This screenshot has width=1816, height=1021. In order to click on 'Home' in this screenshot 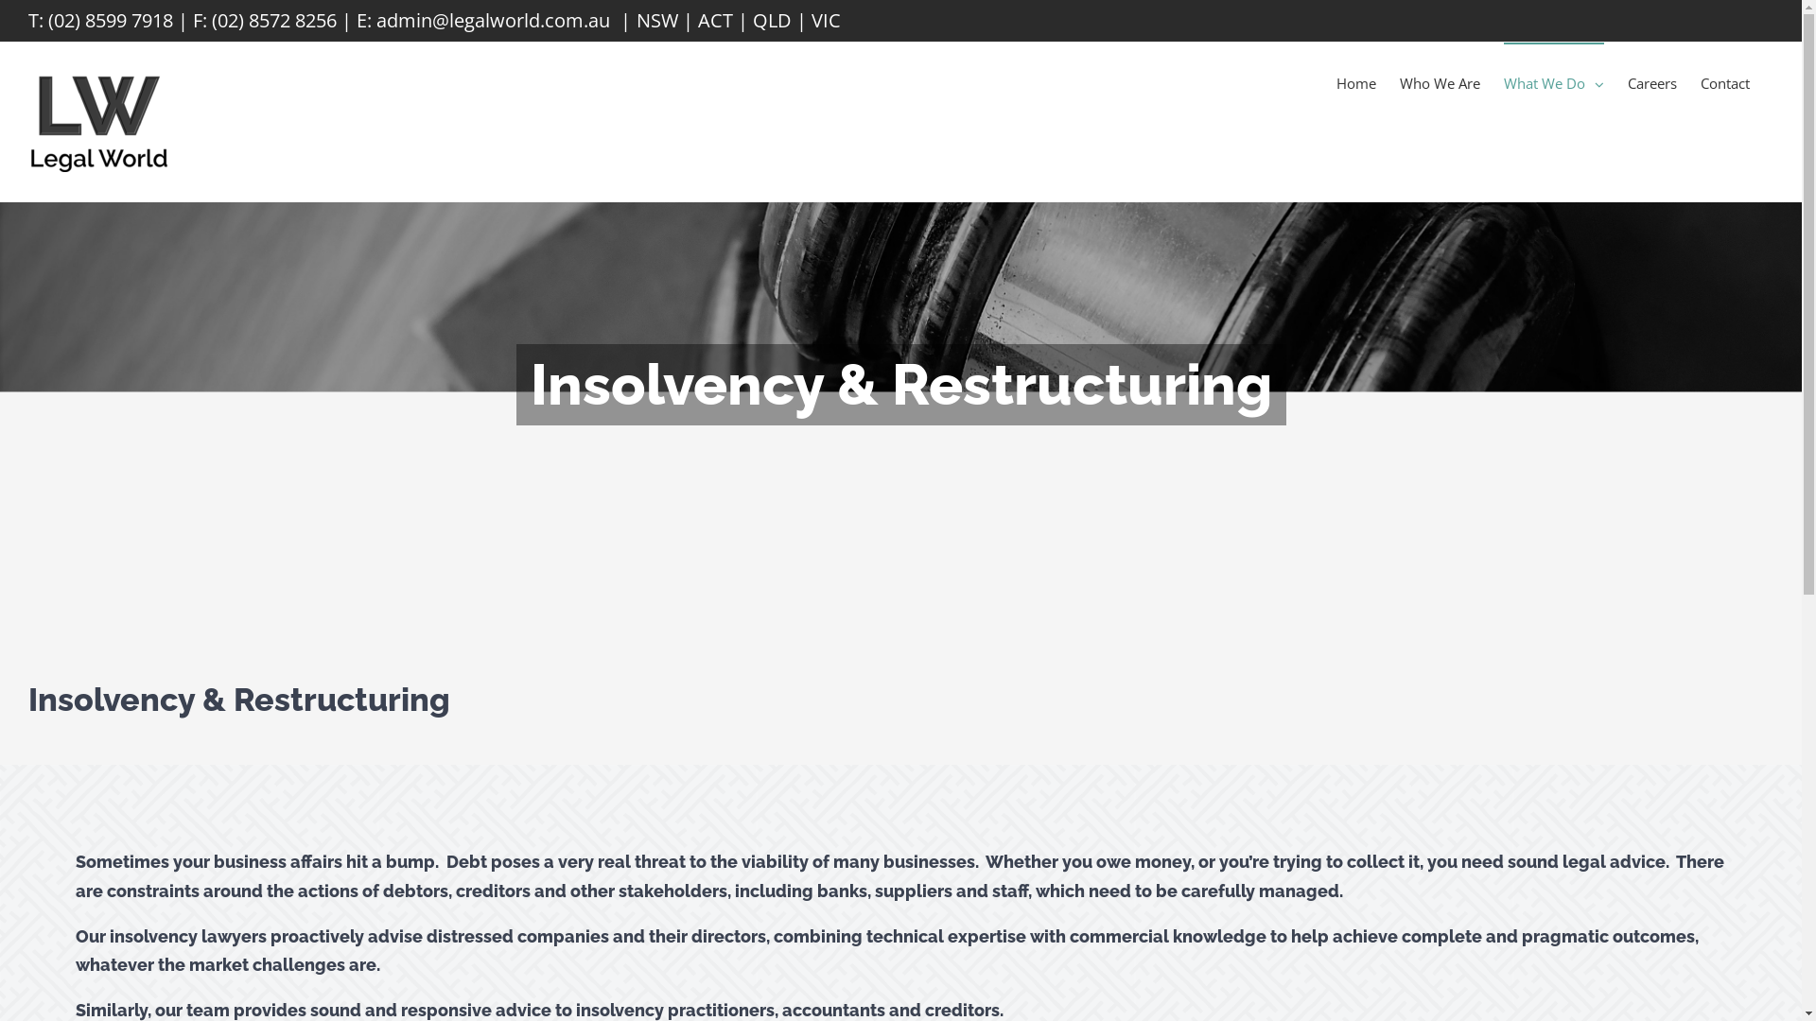, I will do `click(1355, 81)`.